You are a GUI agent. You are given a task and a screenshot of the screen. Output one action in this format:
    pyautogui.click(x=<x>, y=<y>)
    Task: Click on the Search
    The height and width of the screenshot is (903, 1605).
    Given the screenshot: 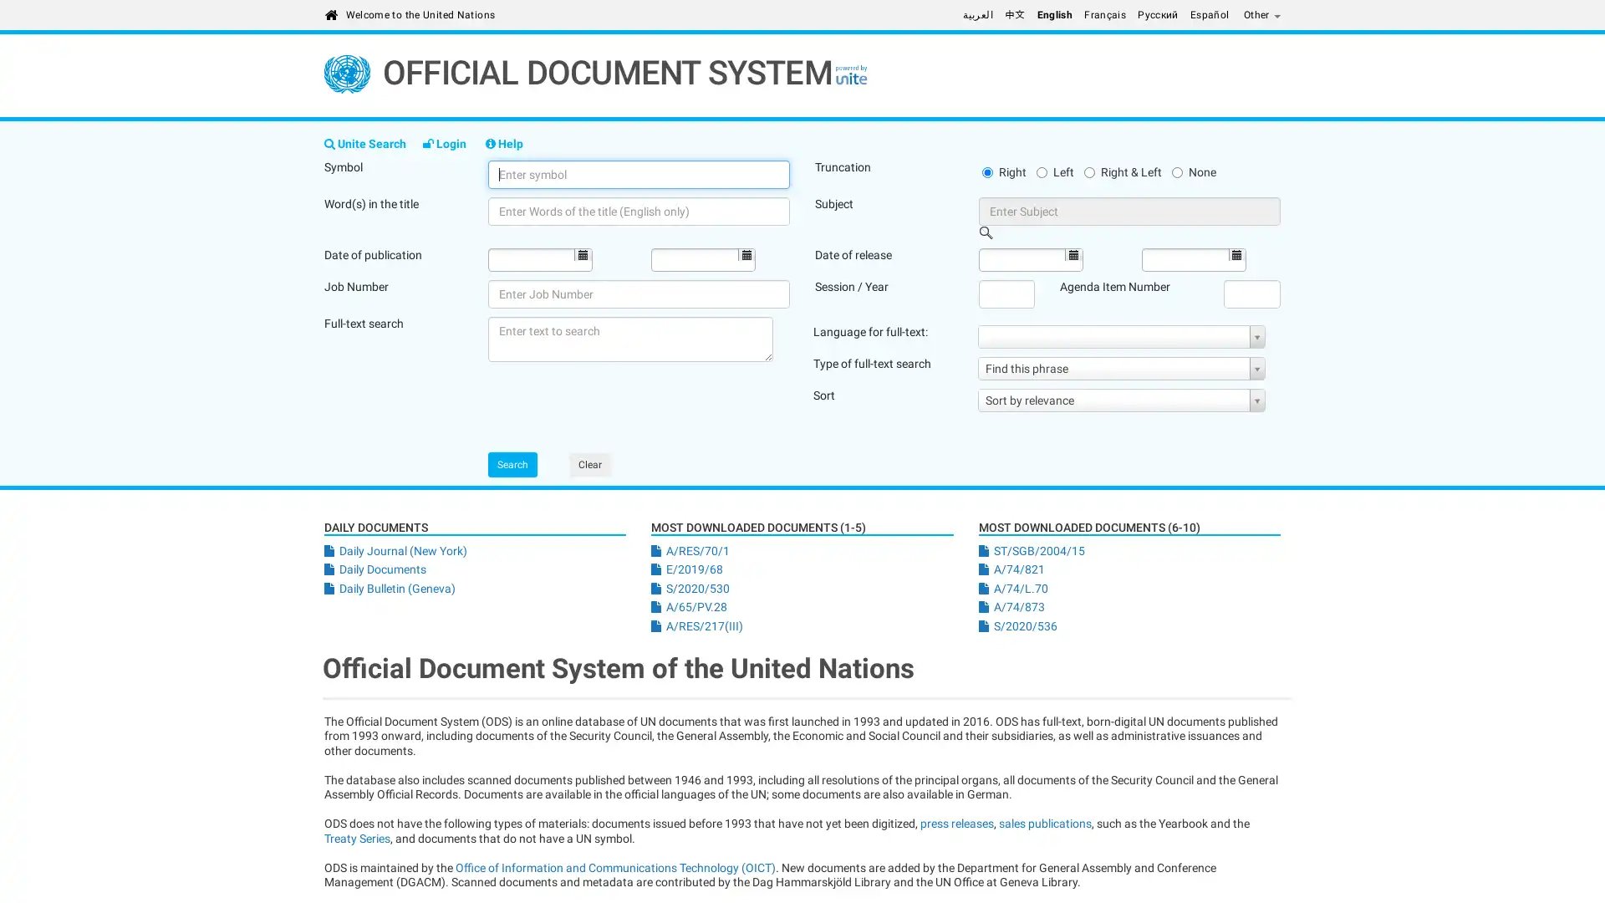 What is the action you would take?
    pyautogui.click(x=511, y=464)
    